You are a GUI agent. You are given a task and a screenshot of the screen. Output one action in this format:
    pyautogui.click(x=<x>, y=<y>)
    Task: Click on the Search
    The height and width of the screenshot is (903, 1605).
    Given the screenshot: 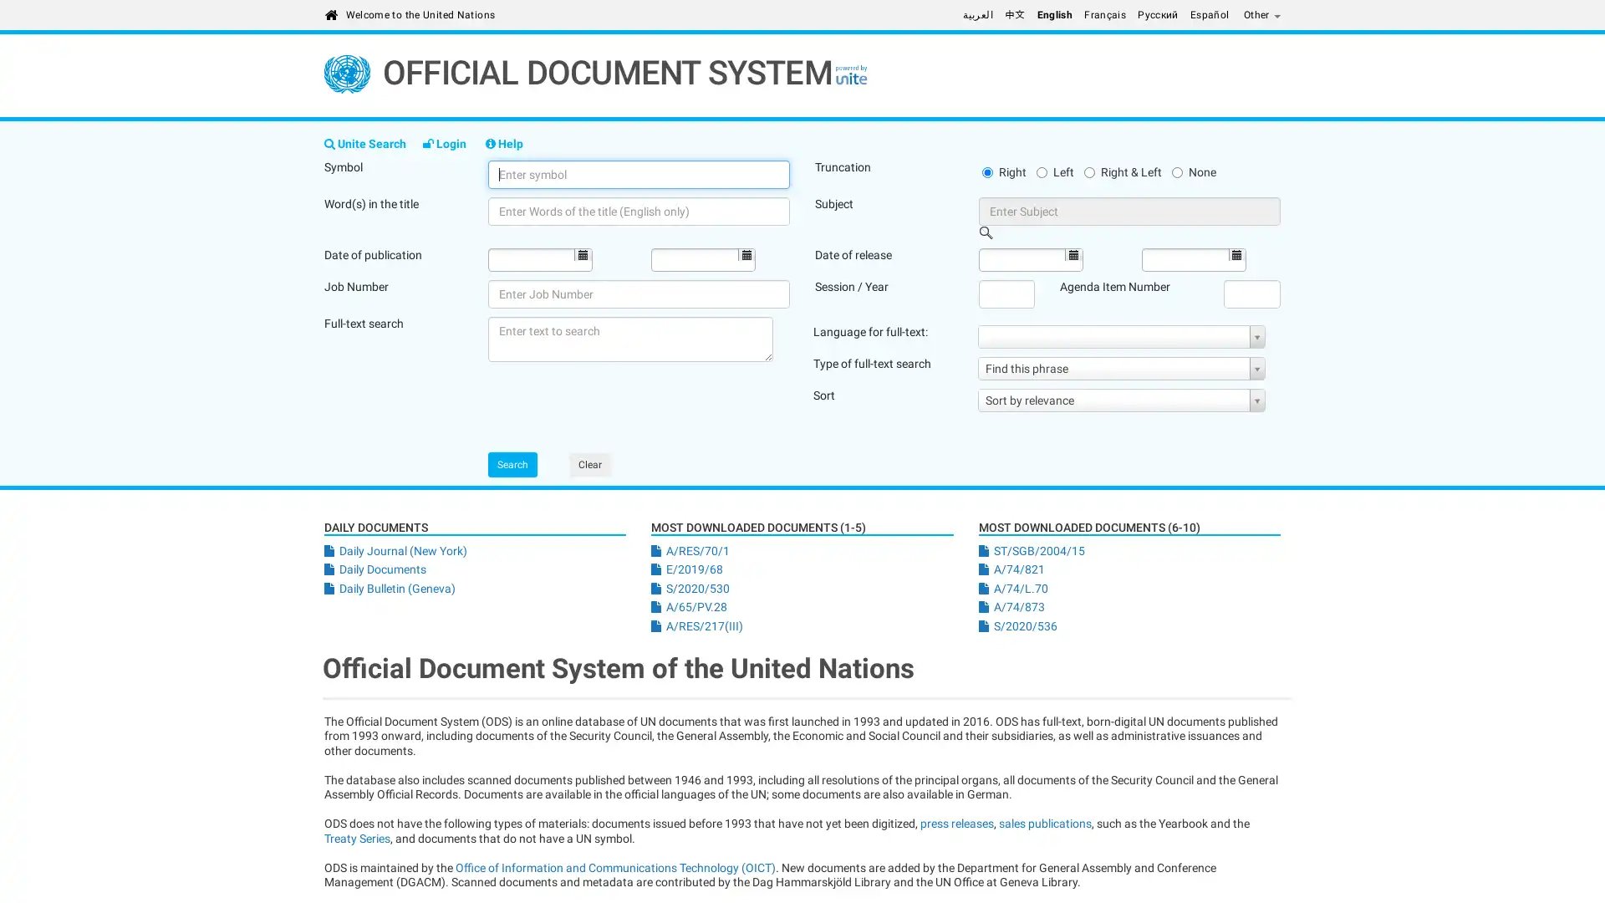 What is the action you would take?
    pyautogui.click(x=511, y=464)
    